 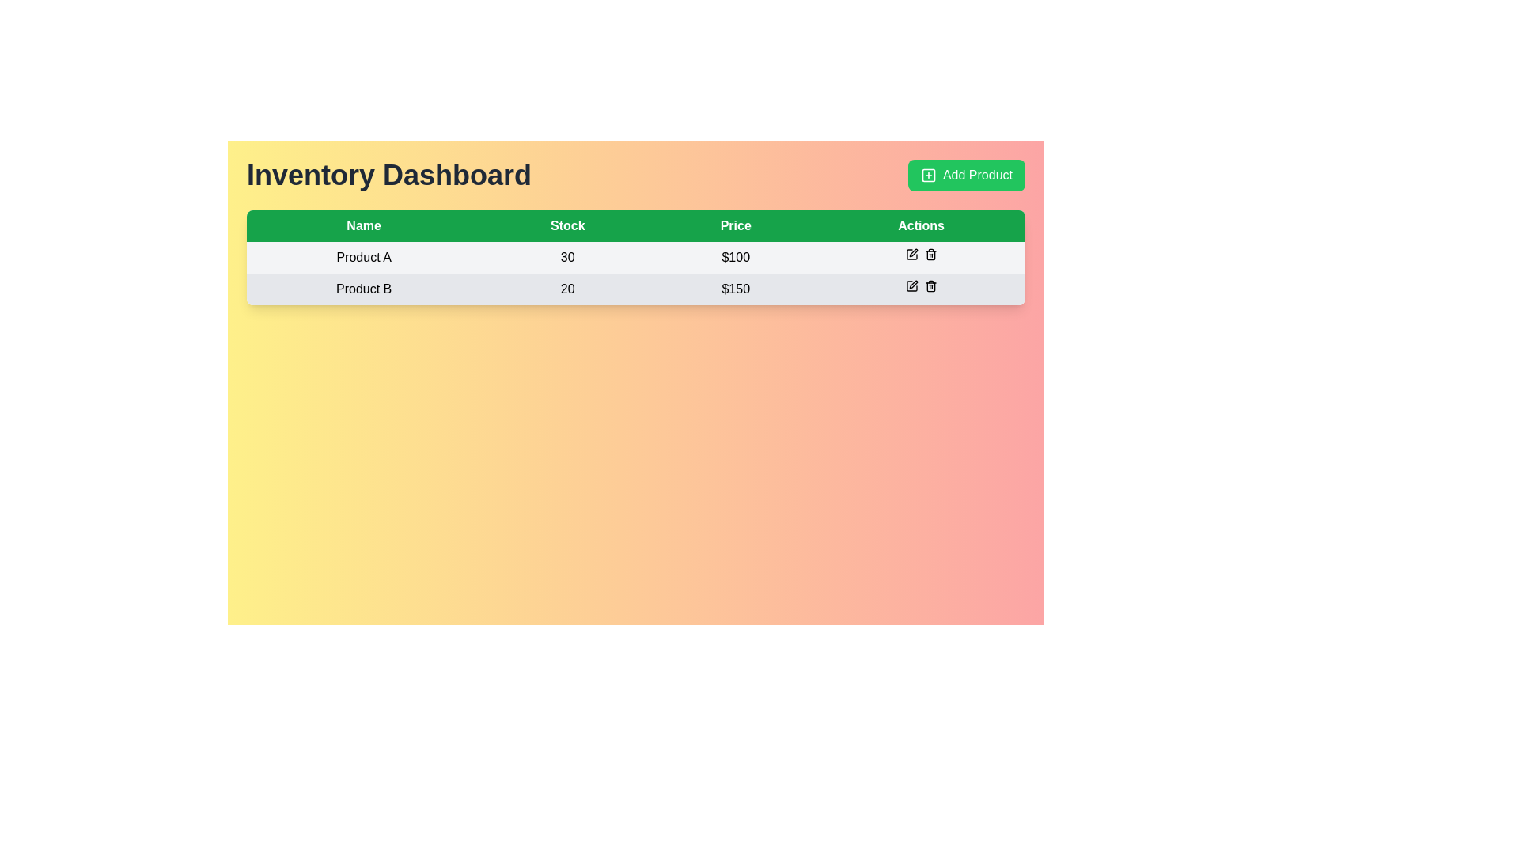 I want to click on the 'Price' text label, which is styled with a bold font and centered within a green rectangular background, located in the header of a table as the third column header, so click(x=735, y=225).